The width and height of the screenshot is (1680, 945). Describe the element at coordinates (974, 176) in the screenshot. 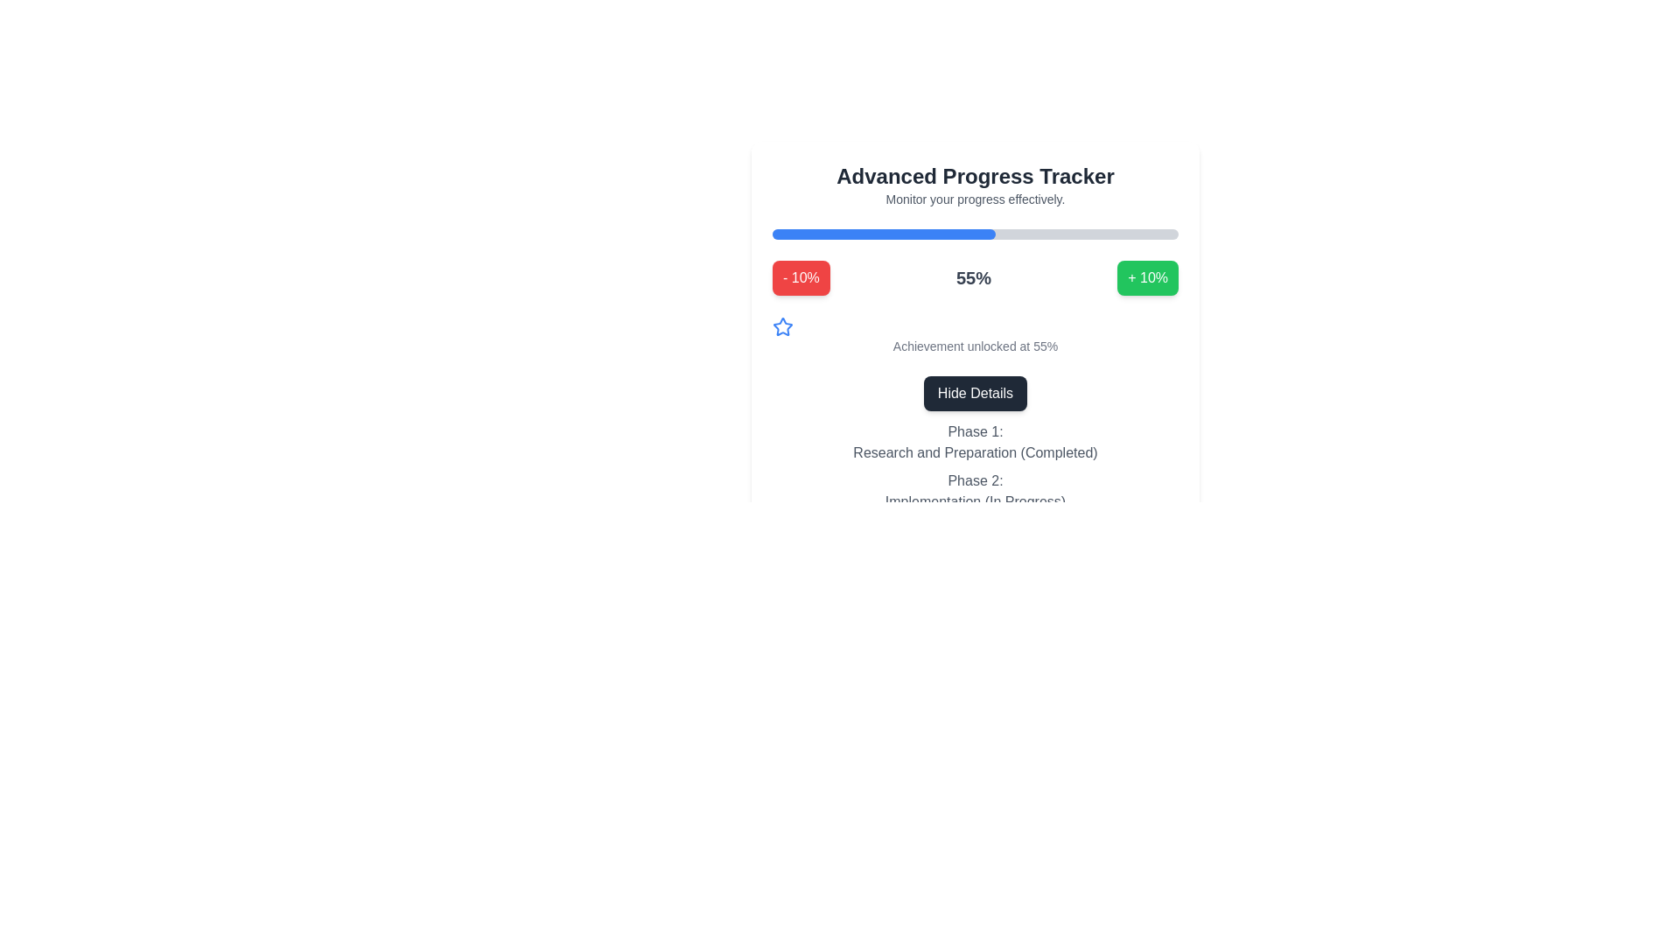

I see `the prominently displayed heading with the text 'Advanced Progress Tracker', which is styled in bold, extra-large dark gray font and located at the top center of the interface` at that location.